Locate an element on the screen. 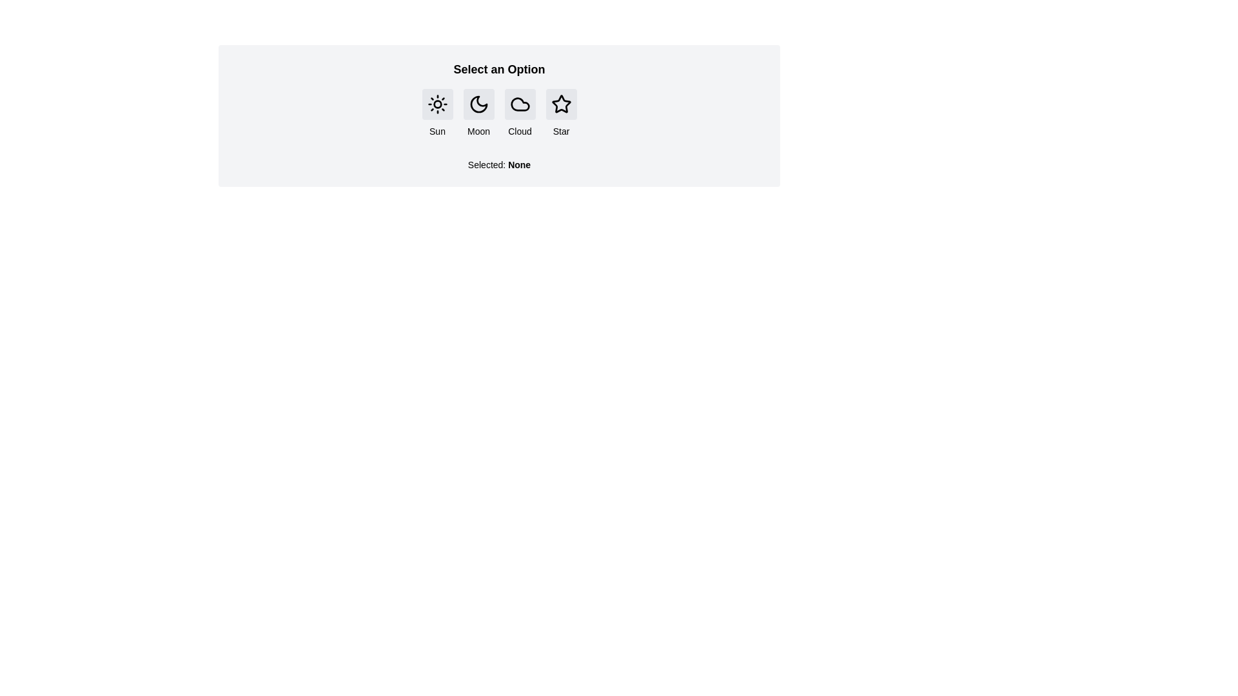 Image resolution: width=1238 pixels, height=696 pixels. the rounded button with a gray background and a sun icon is located at coordinates (437, 104).